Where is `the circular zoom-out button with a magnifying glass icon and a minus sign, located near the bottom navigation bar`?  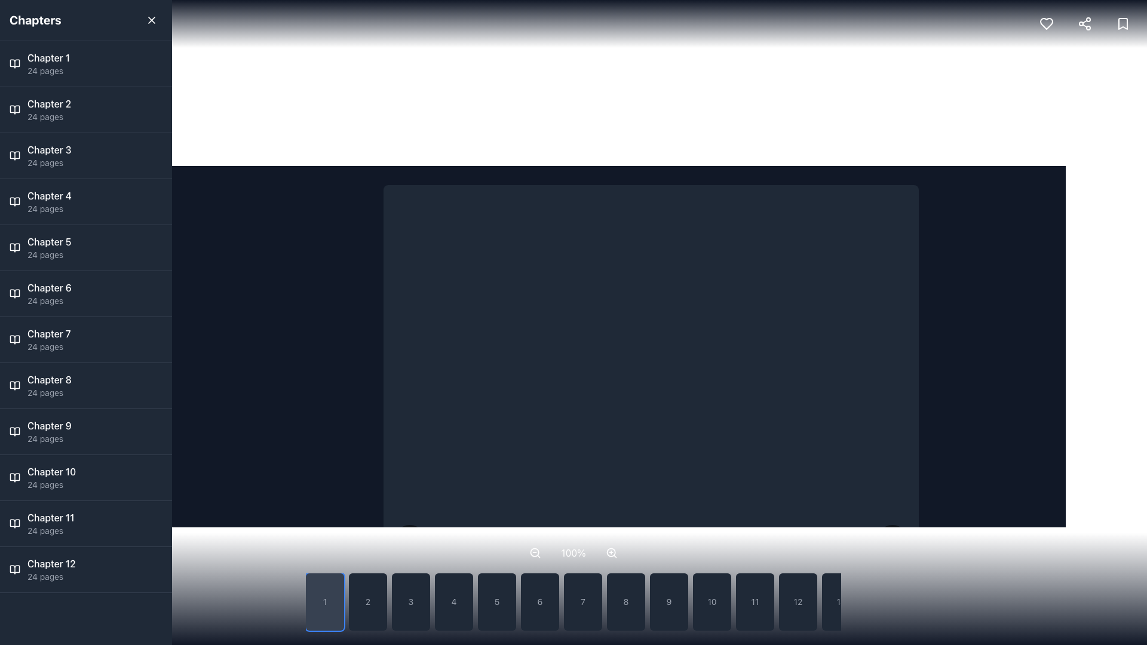 the circular zoom-out button with a magnifying glass icon and a minus sign, located near the bottom navigation bar is located at coordinates (535, 552).